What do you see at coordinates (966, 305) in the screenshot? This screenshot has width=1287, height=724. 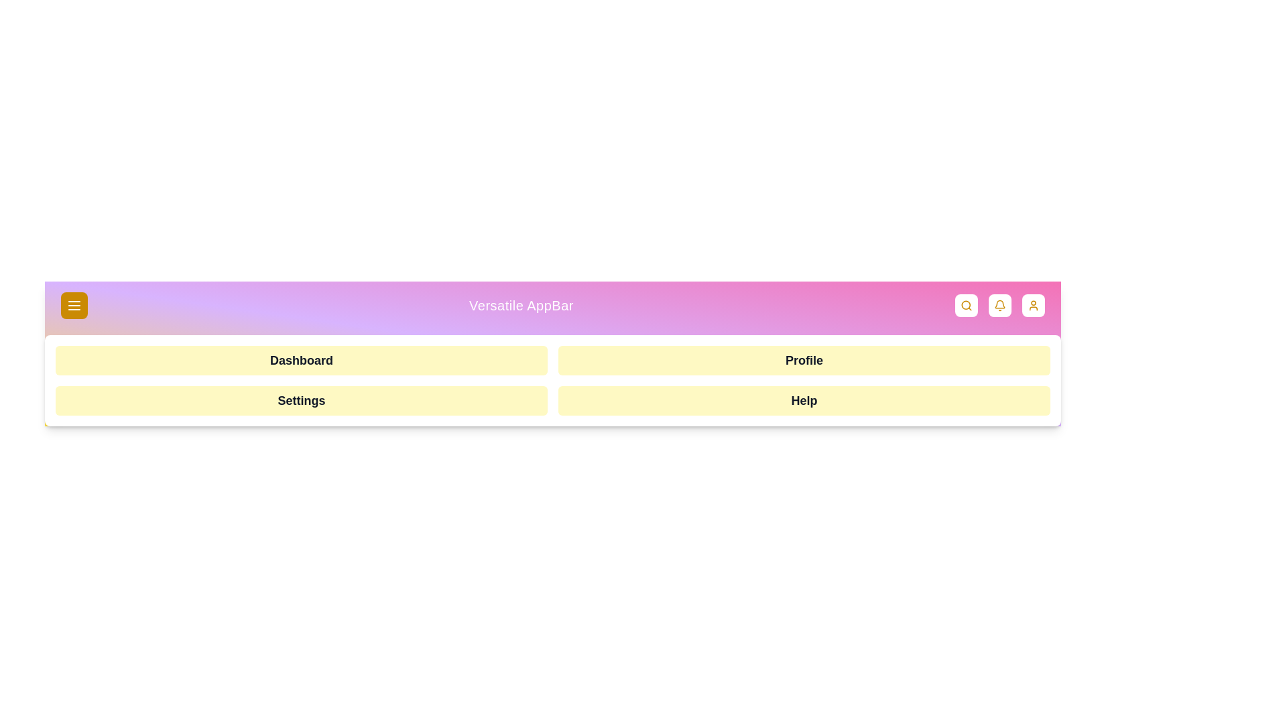 I see `the search button in the top-right corner of the app bar` at bounding box center [966, 305].